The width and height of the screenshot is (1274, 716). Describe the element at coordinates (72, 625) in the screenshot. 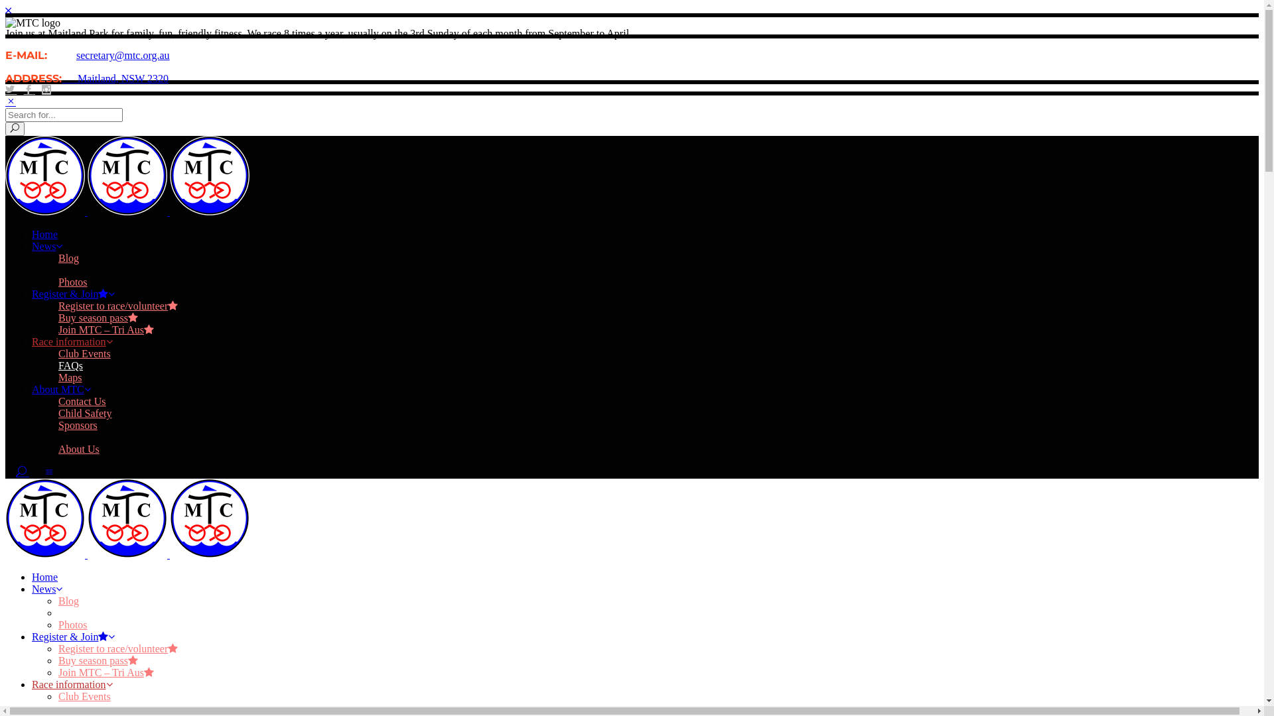

I see `'Photos'` at that location.